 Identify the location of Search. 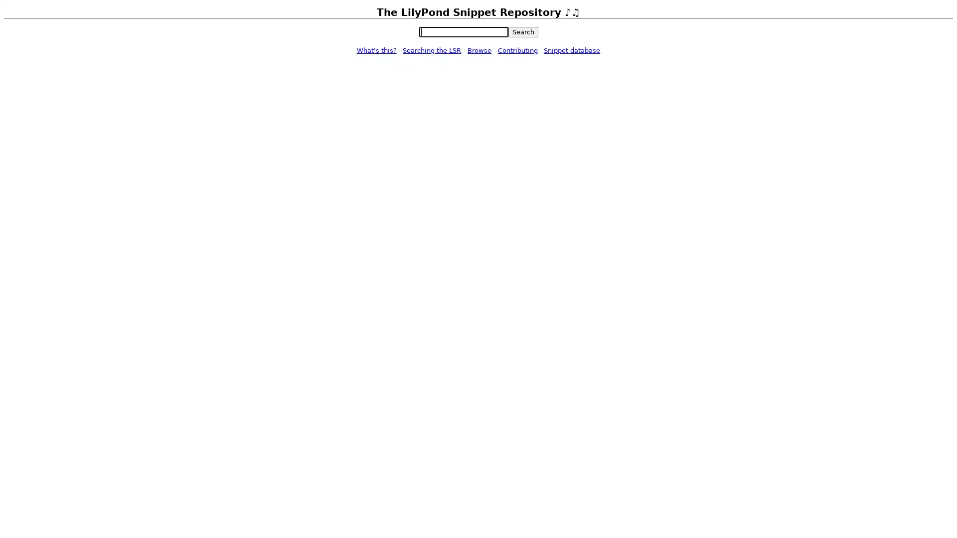
(522, 31).